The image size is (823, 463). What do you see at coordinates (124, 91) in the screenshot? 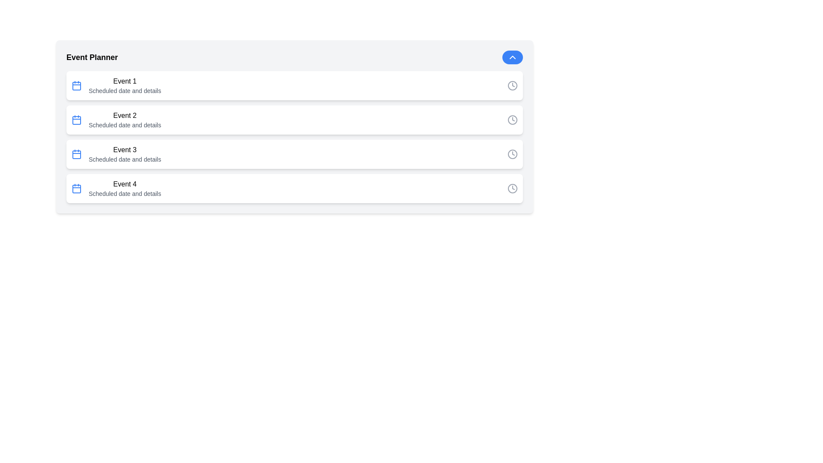
I see `additional information about the scheduling and details associated with 'Event 1' located inside the first list item under the heading 'Event Planner.'` at bounding box center [124, 91].